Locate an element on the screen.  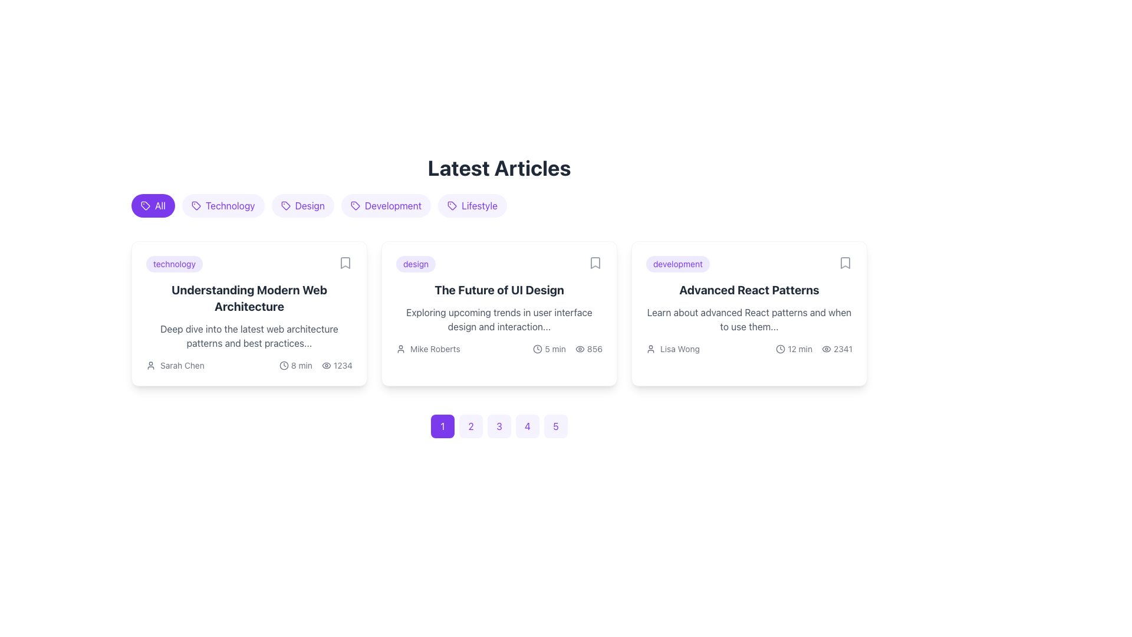
the eye-shaped icon with a circular pupil, which is located in the meta-information row of the second article card, to the left of the view count '856' is located at coordinates (580, 348).